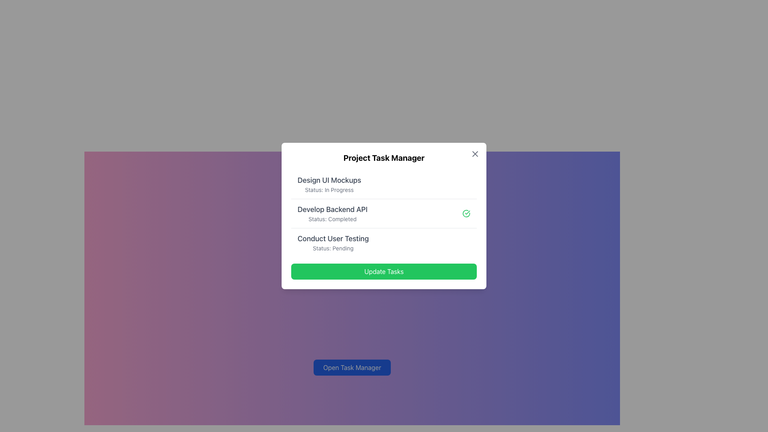 This screenshot has width=768, height=432. What do you see at coordinates (466, 213) in the screenshot?
I see `the completion status icon (circle-check) located to the far right of the 'Develop Backend API' task's entry` at bounding box center [466, 213].